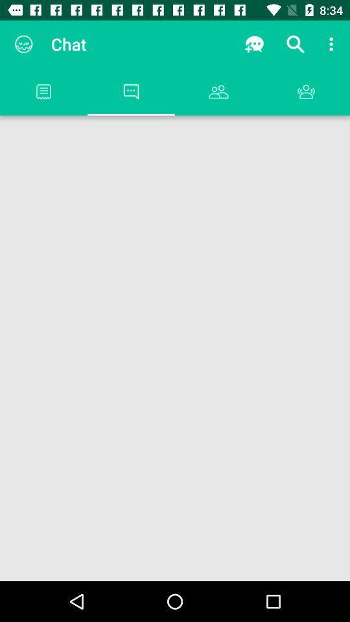 The image size is (350, 622). Describe the element at coordinates (255, 44) in the screenshot. I see `app next to the chat icon` at that location.